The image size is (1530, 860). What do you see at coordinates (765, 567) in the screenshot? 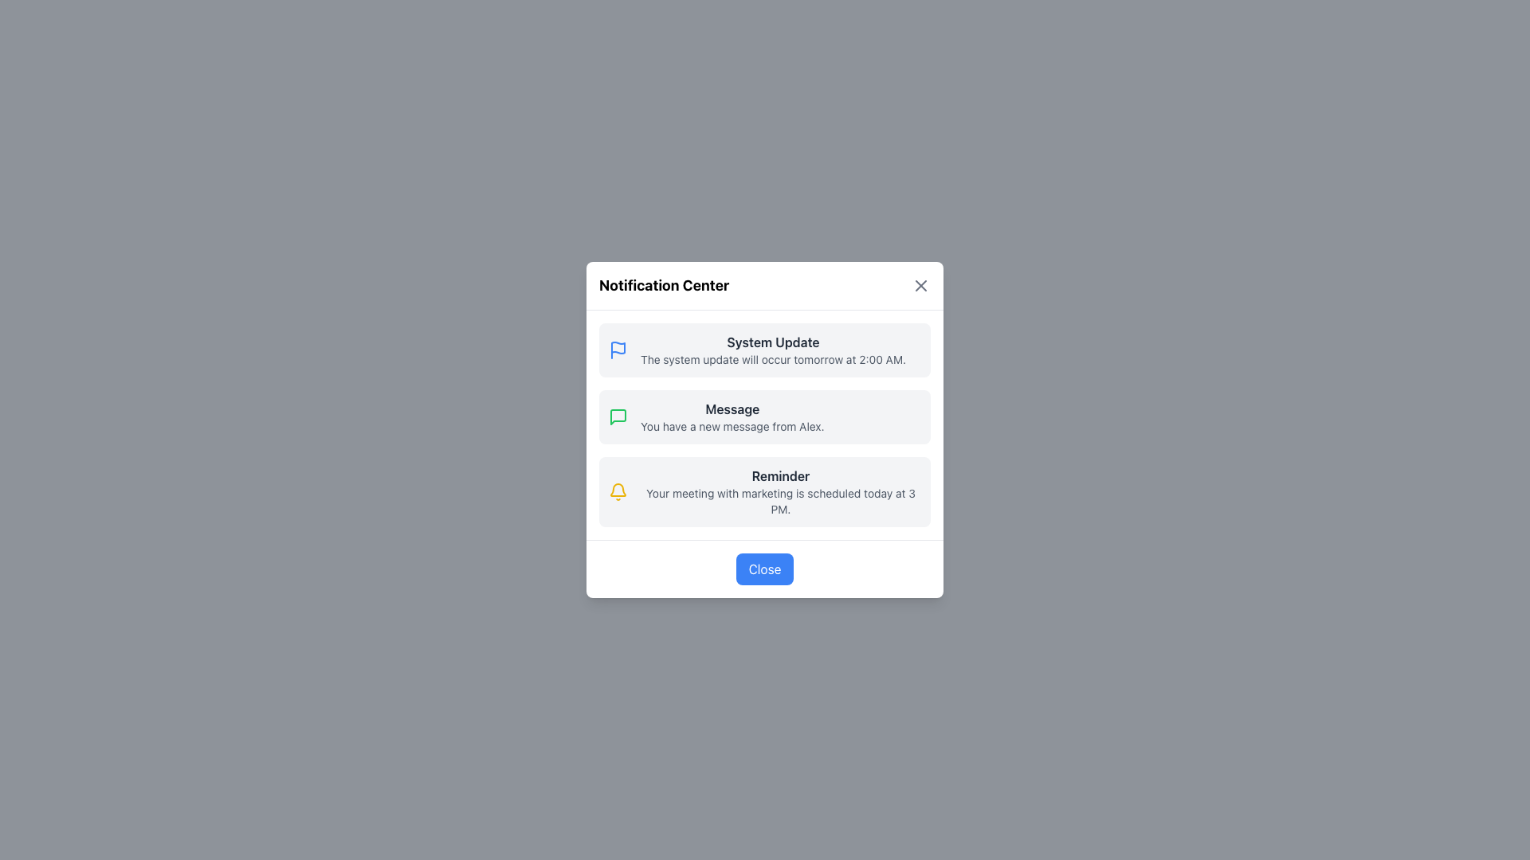
I see `the close button located at the bottom center of the modal window` at bounding box center [765, 567].